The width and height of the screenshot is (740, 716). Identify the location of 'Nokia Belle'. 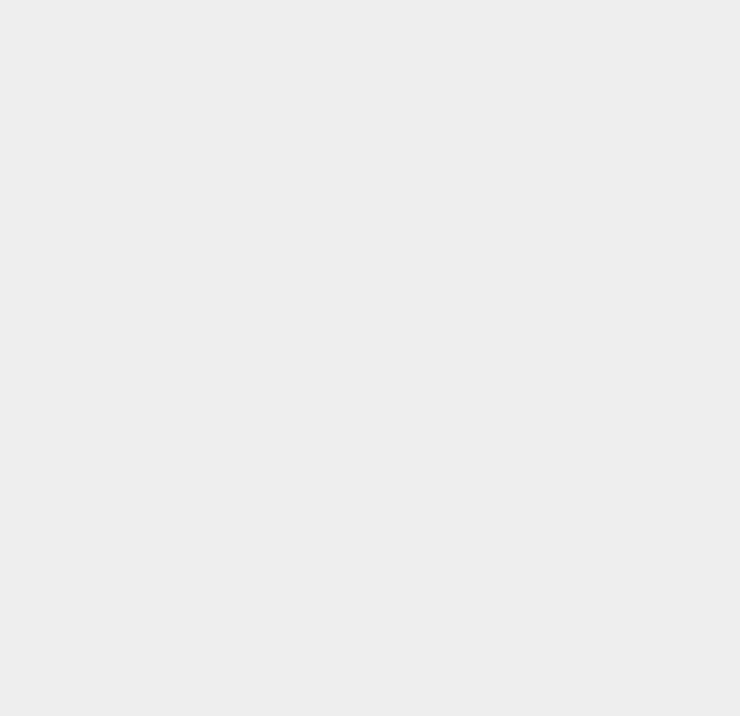
(546, 209).